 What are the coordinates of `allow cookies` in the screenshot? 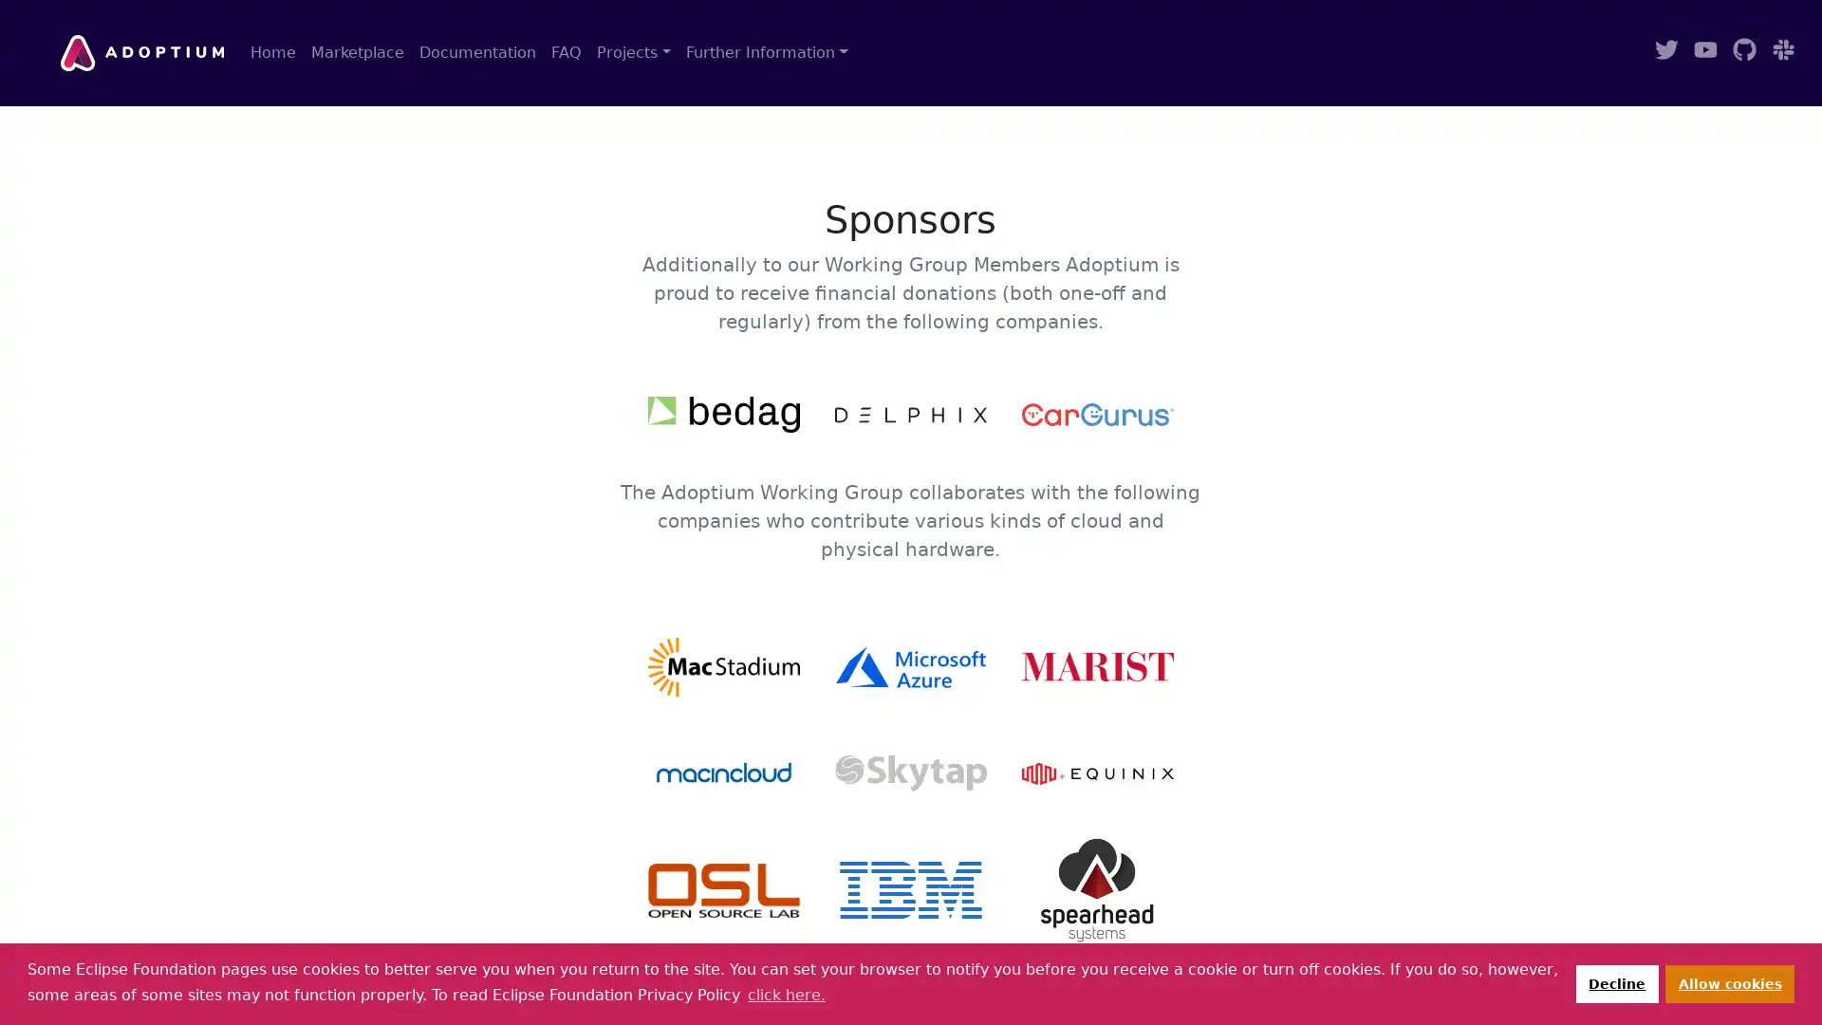 It's located at (1730, 982).